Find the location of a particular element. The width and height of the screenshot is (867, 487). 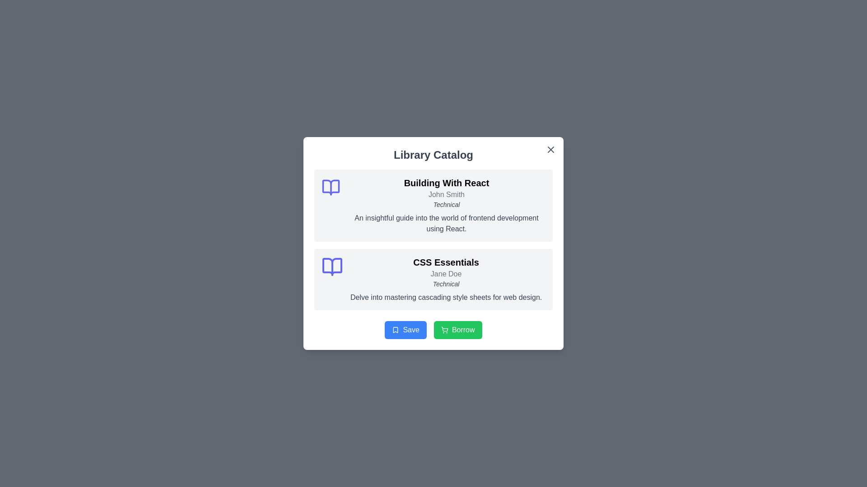

the Information card, which is the first book entry in the 'Library Catalog' modal is located at coordinates (446, 205).